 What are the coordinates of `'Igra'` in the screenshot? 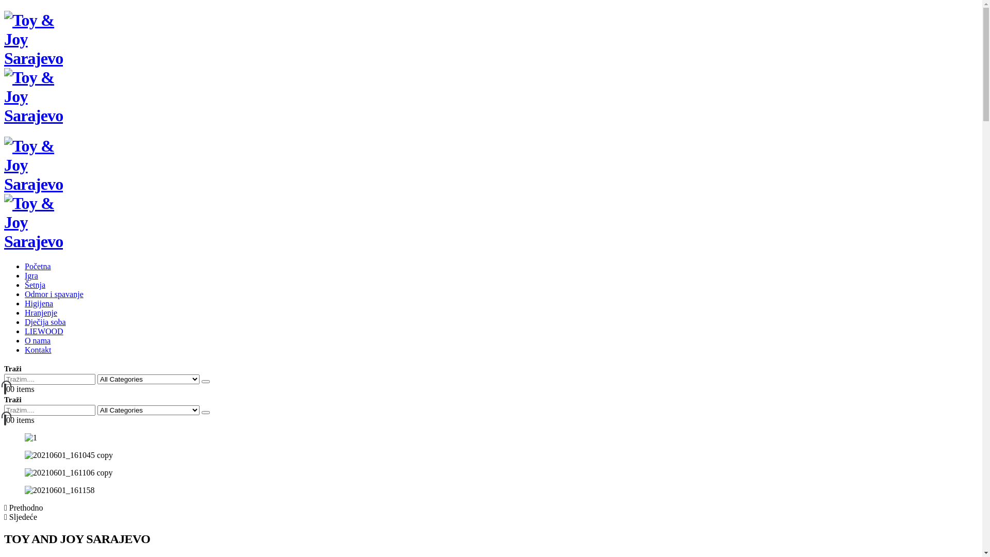 It's located at (31, 275).